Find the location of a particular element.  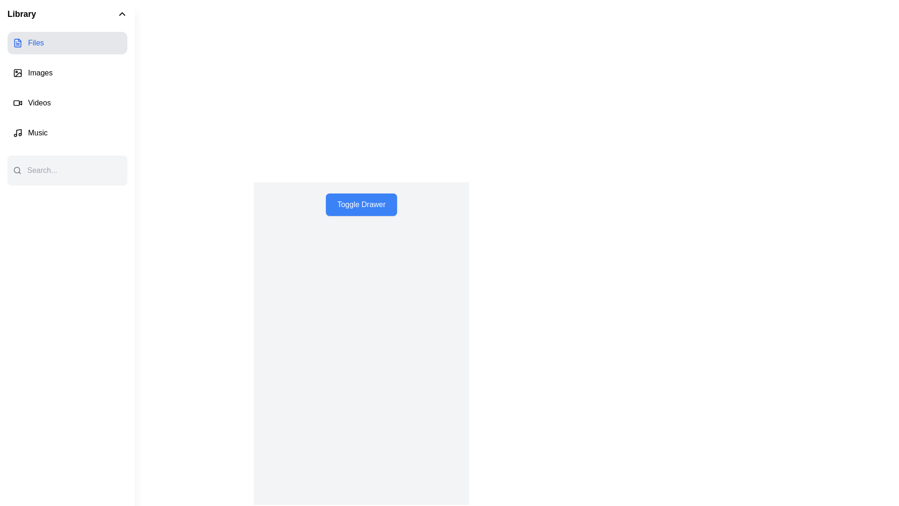

the magnifying glass icon located in the search bar on the left sidebar menu, which is styled in gray and adjacent to a search input field is located at coordinates (17, 170).